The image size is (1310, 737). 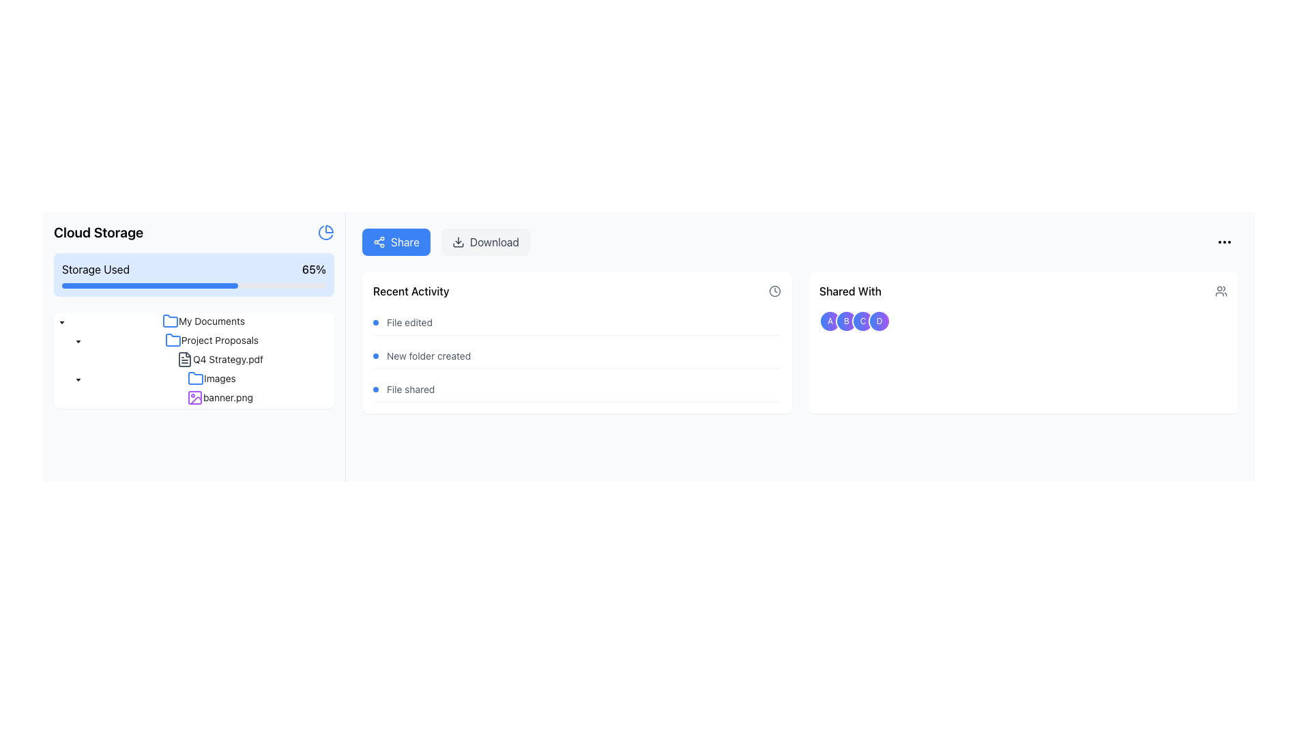 What do you see at coordinates (228, 397) in the screenshot?
I see `the file name label located under the 'Images' folder in the file tree of the 'Cloud Storage' section` at bounding box center [228, 397].